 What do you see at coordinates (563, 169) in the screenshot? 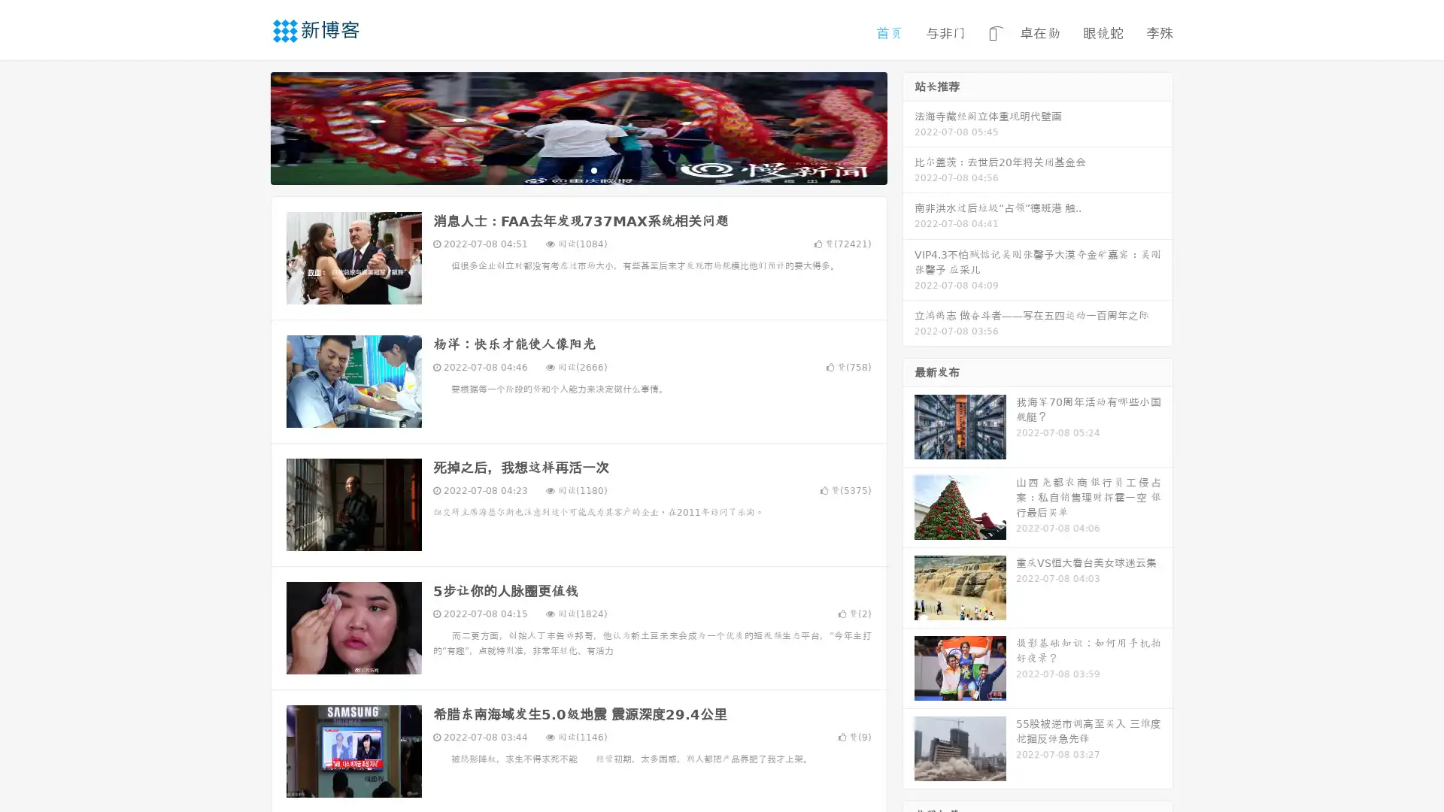
I see `Go to slide 1` at bounding box center [563, 169].